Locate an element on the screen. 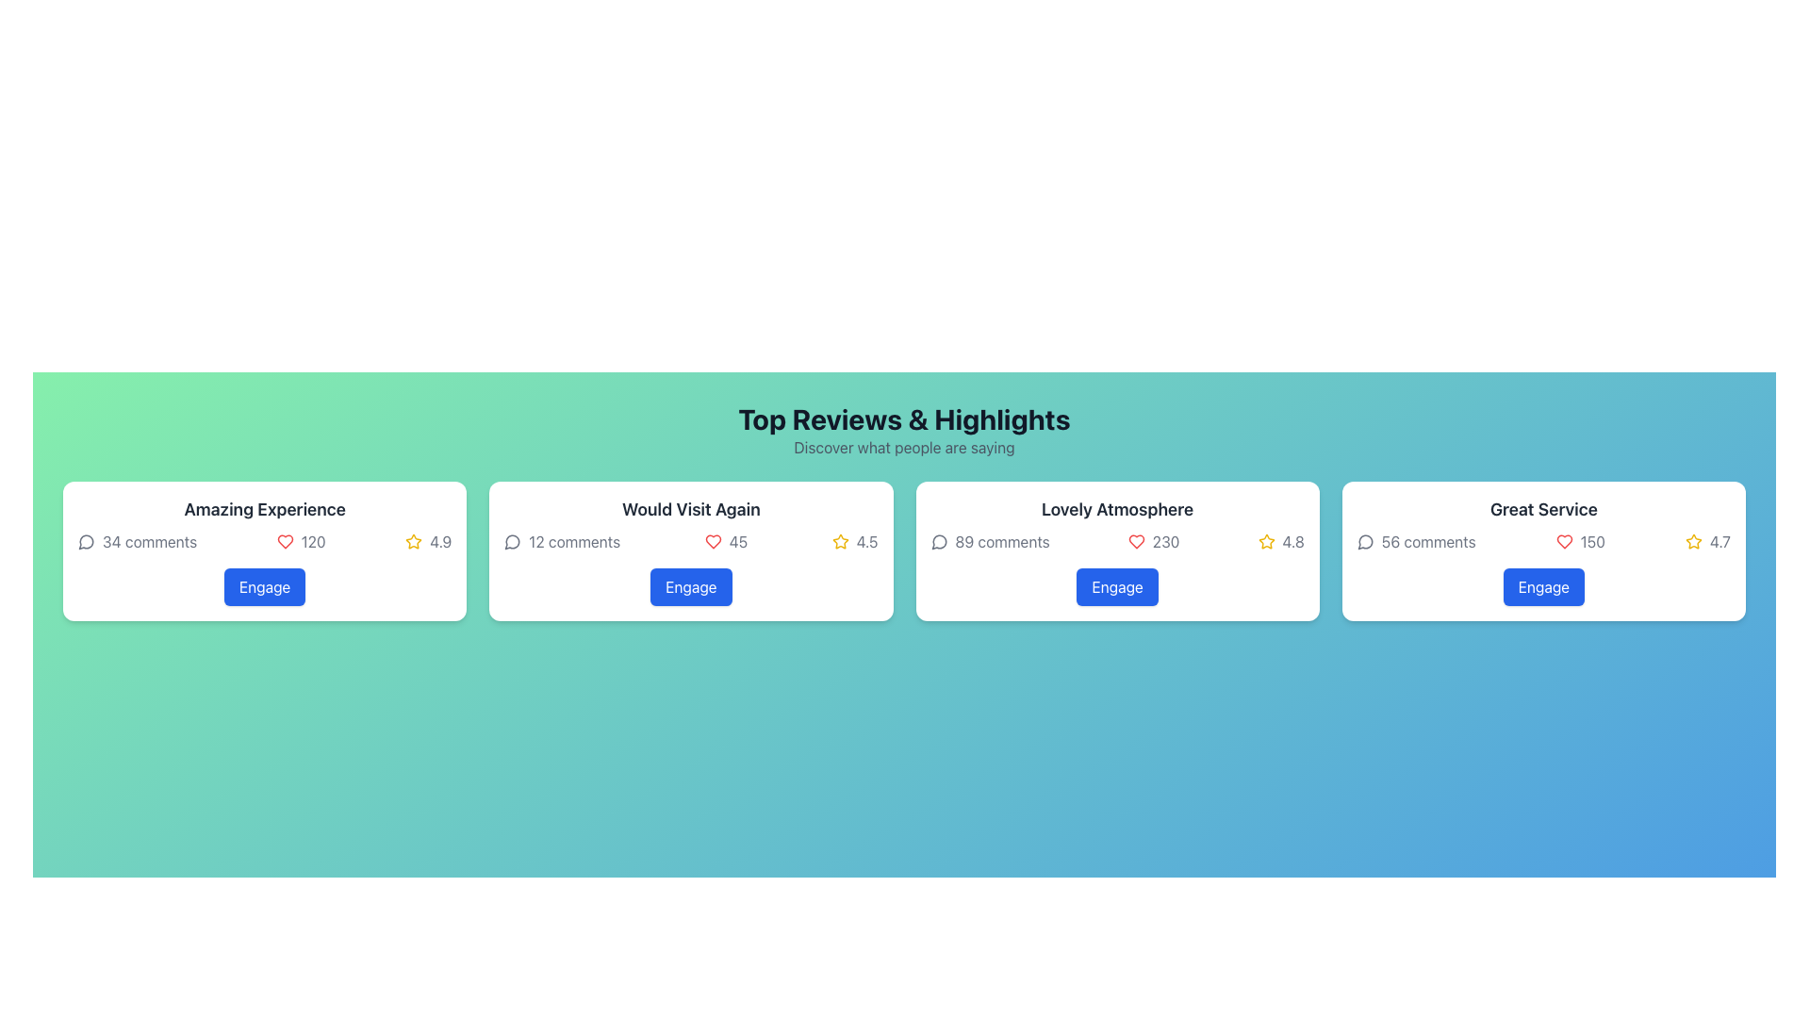 The height and width of the screenshot is (1018, 1810). the static text label displaying the numerical value '230' which represents likes in the 'Lovely Atmosphere' review card, located next to a red heart icon is located at coordinates (1165, 541).